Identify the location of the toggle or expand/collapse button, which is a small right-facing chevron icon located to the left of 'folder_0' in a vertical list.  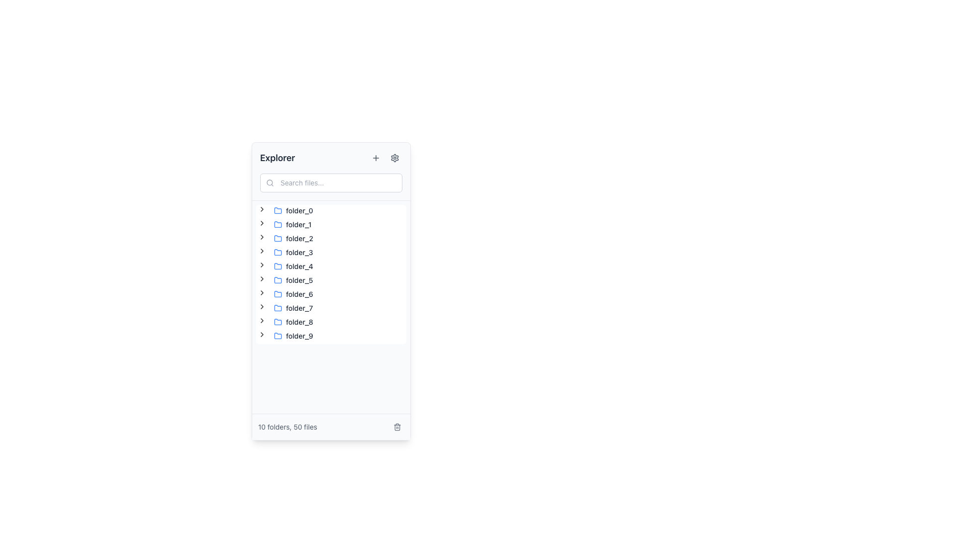
(262, 210).